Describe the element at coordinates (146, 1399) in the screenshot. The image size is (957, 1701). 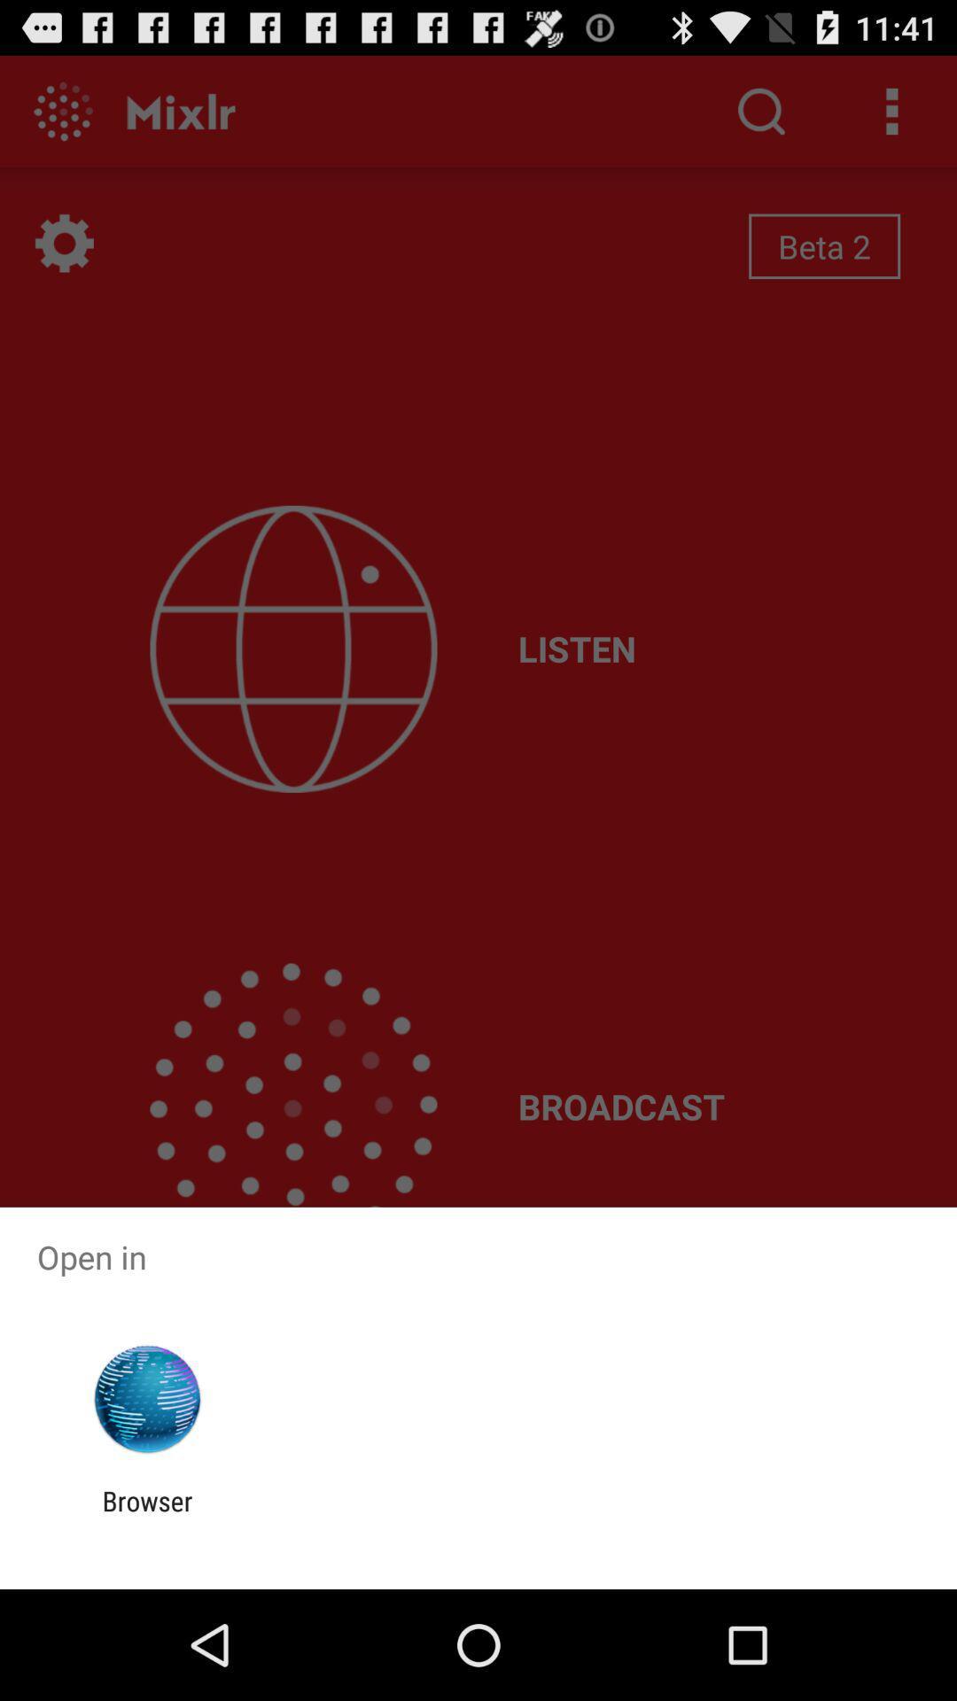
I see `app below open in` at that location.